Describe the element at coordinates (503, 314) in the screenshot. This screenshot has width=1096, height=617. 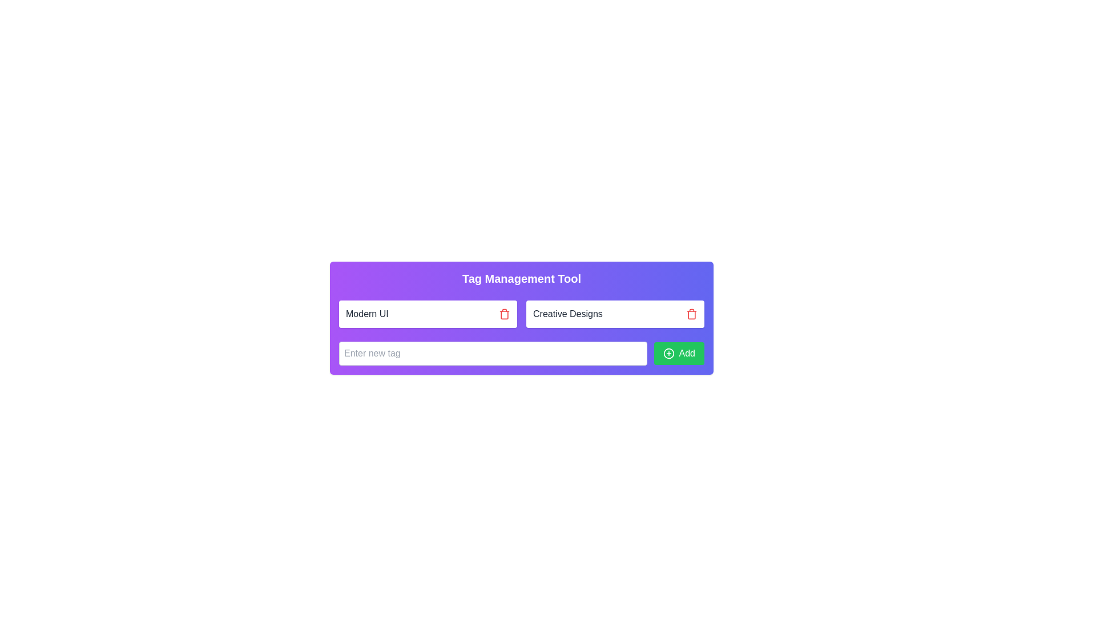
I see `the delete icon button located to the right of the 'Modern UI' label to initiate the delete action` at that location.